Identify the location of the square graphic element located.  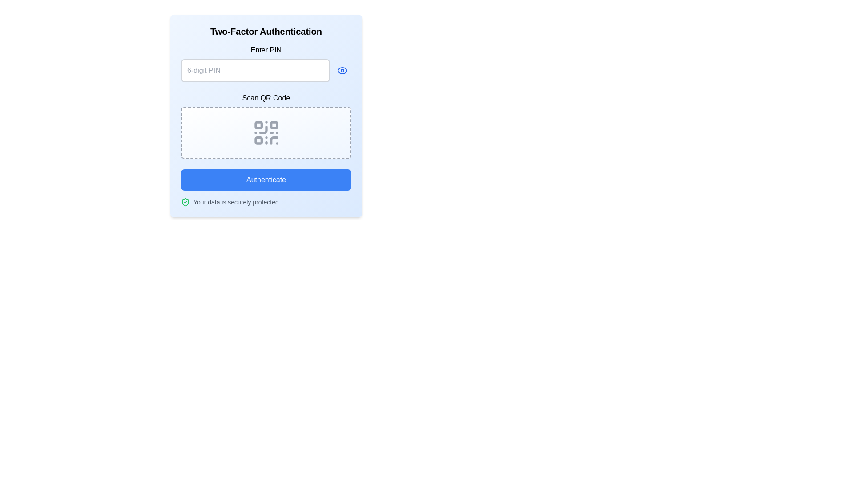
(258, 140).